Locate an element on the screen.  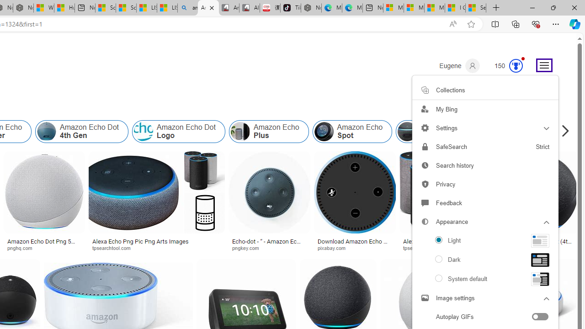
'Autoplay GIFs' is located at coordinates (485, 316).